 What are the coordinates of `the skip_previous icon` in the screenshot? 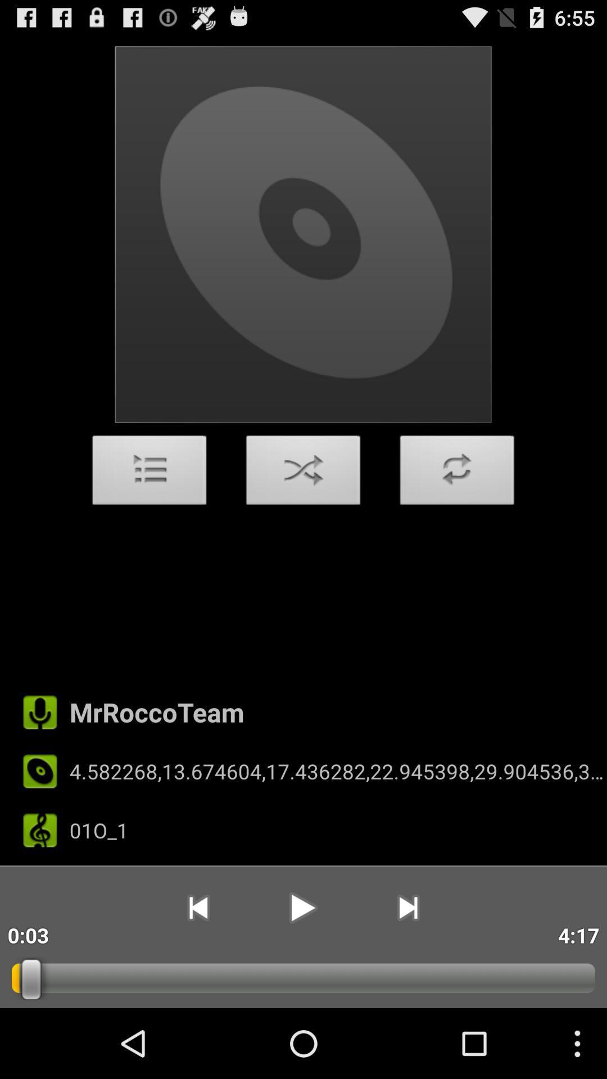 It's located at (197, 971).